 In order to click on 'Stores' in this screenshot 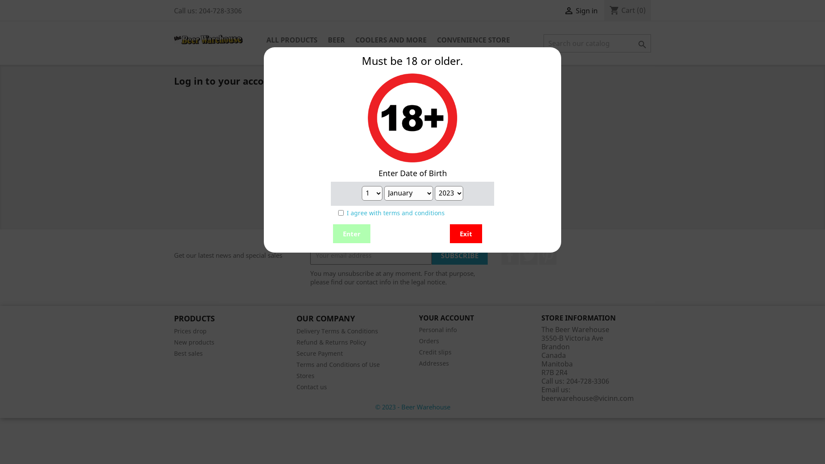, I will do `click(305, 375)`.